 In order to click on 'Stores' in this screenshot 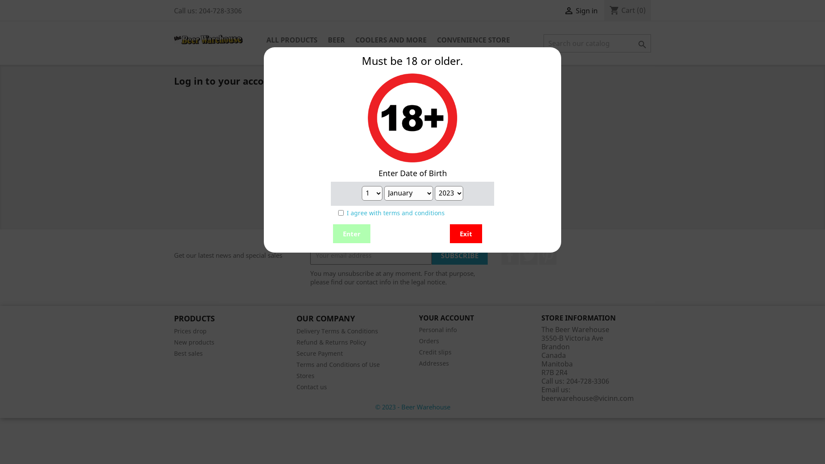, I will do `click(305, 375)`.